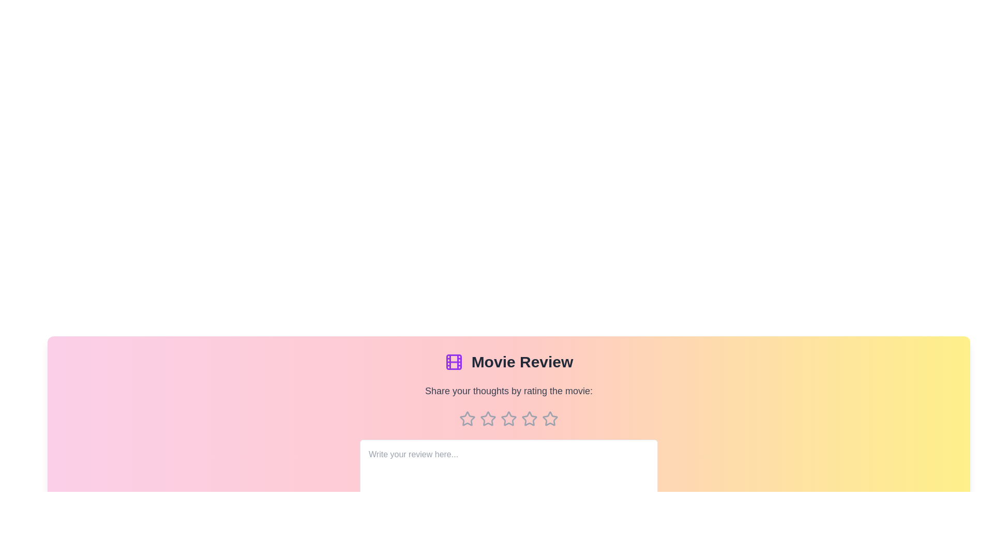 This screenshot has height=558, width=993. What do you see at coordinates (508, 468) in the screenshot?
I see `the text area and type the review text` at bounding box center [508, 468].